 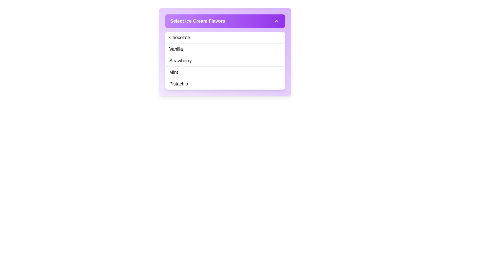 What do you see at coordinates (225, 52) in the screenshot?
I see `the 'Vanilla' item in the list of ice cream flavors` at bounding box center [225, 52].